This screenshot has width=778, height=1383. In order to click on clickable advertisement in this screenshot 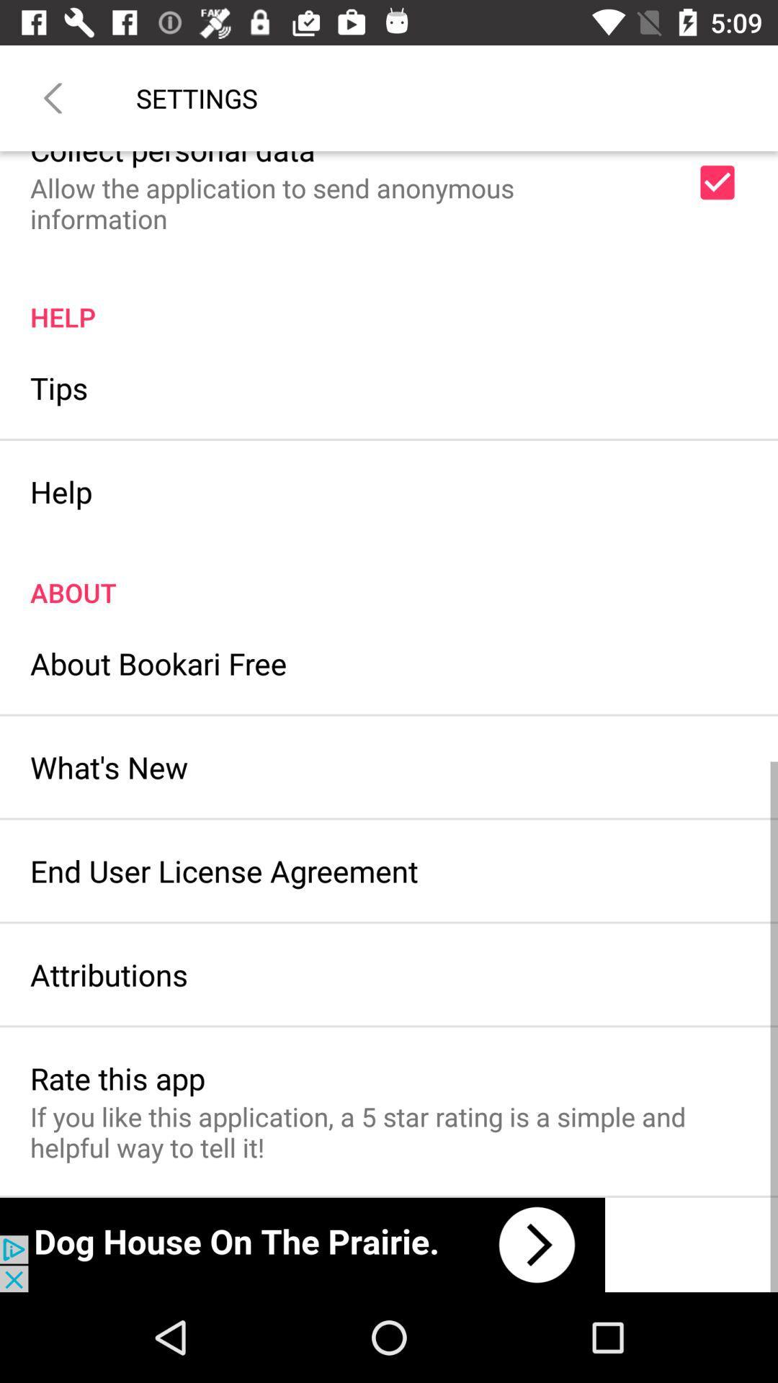, I will do `click(302, 1244)`.